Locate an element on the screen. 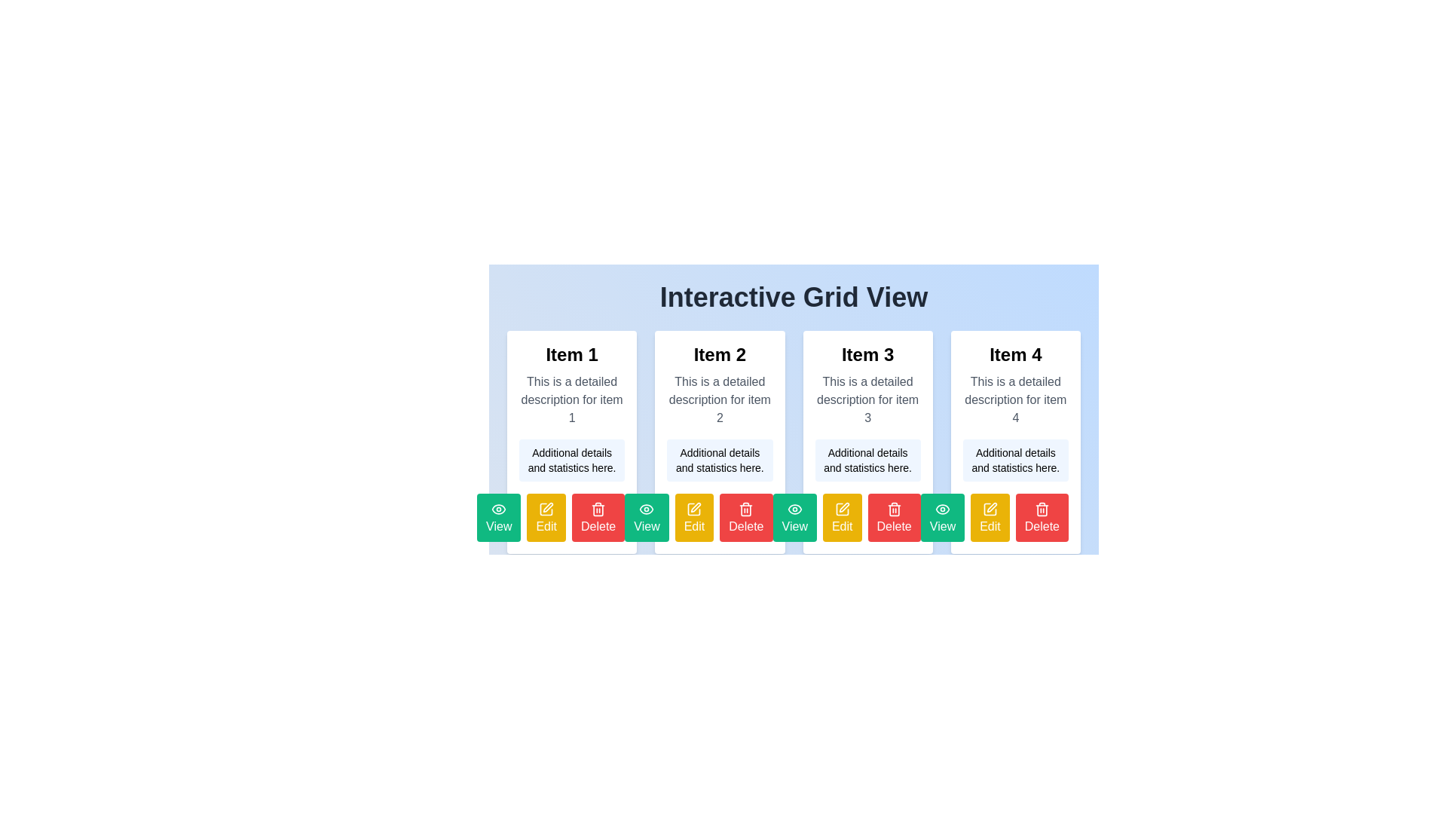  the pencil-like icon within the yellow 'Edit' button located beneath 'Item 3' in the third column from the left is located at coordinates (693, 509).